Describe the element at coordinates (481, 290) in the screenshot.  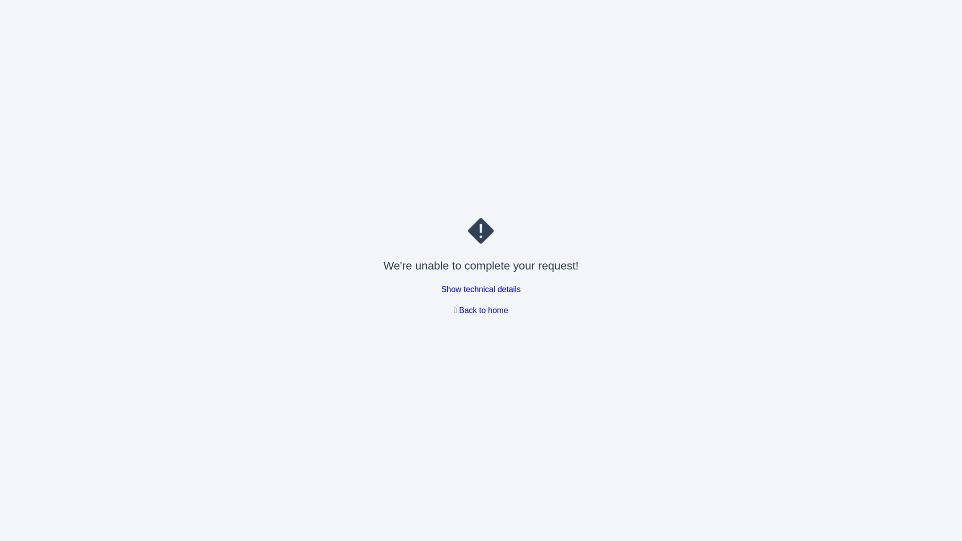
I see `'Show technical details'` at that location.